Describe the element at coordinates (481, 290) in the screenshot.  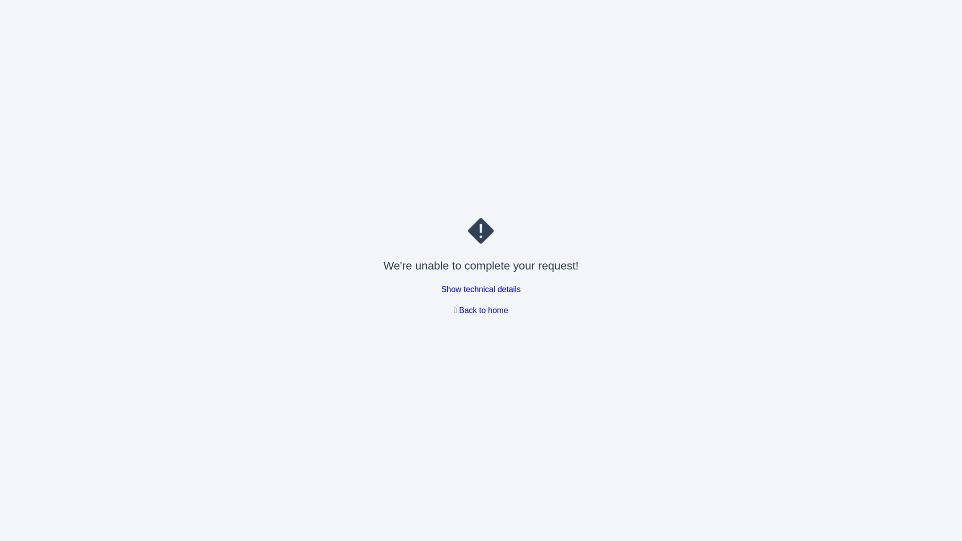
I see `'Show technical details'` at that location.